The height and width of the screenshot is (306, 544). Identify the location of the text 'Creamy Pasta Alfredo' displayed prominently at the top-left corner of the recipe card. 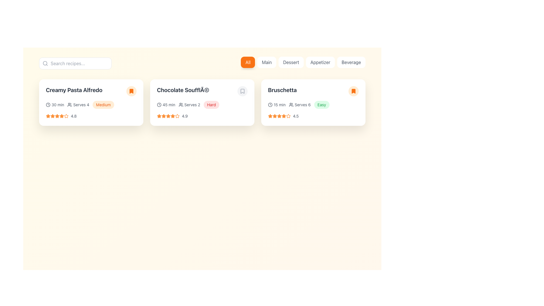
(74, 90).